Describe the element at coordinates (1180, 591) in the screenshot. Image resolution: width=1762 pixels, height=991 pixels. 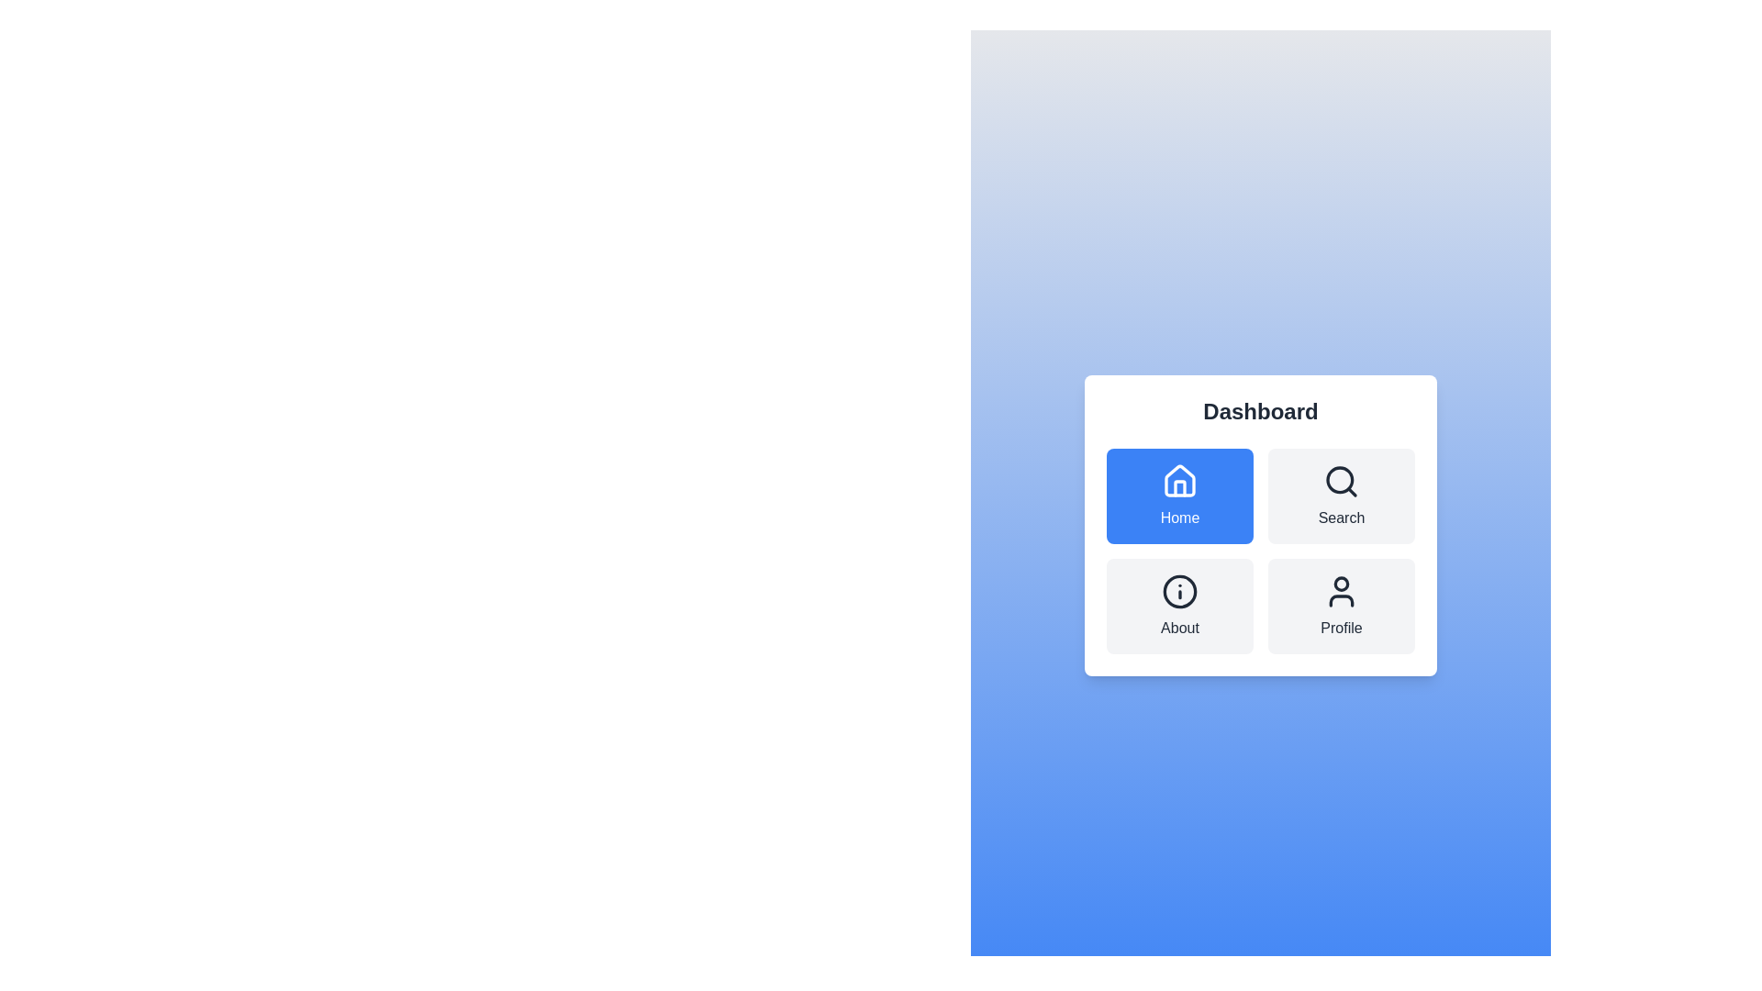
I see `the 'About' icon, which serves as an indicator for the information section of the application, located in the bottom-left quadrant of the 2x2 grid layout` at that location.